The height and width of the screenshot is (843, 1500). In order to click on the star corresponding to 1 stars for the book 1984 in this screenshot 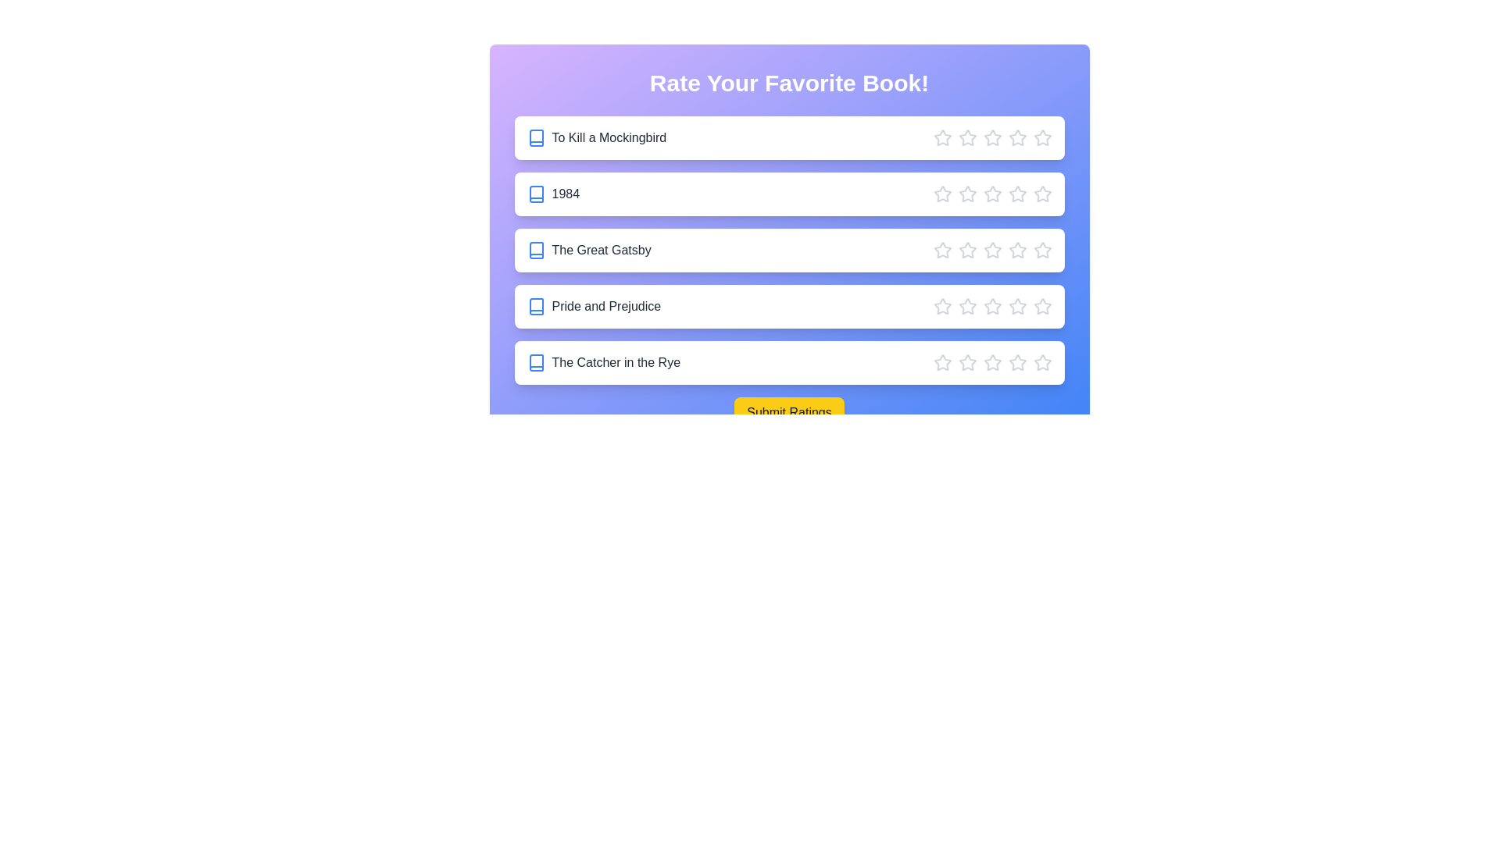, I will do `click(941, 194)`.